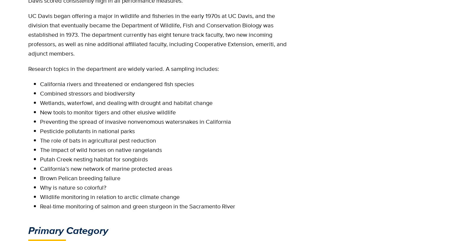 Image resolution: width=471 pixels, height=241 pixels. Describe the element at coordinates (80, 178) in the screenshot. I see `'Brown Pelican breeding failure'` at that location.